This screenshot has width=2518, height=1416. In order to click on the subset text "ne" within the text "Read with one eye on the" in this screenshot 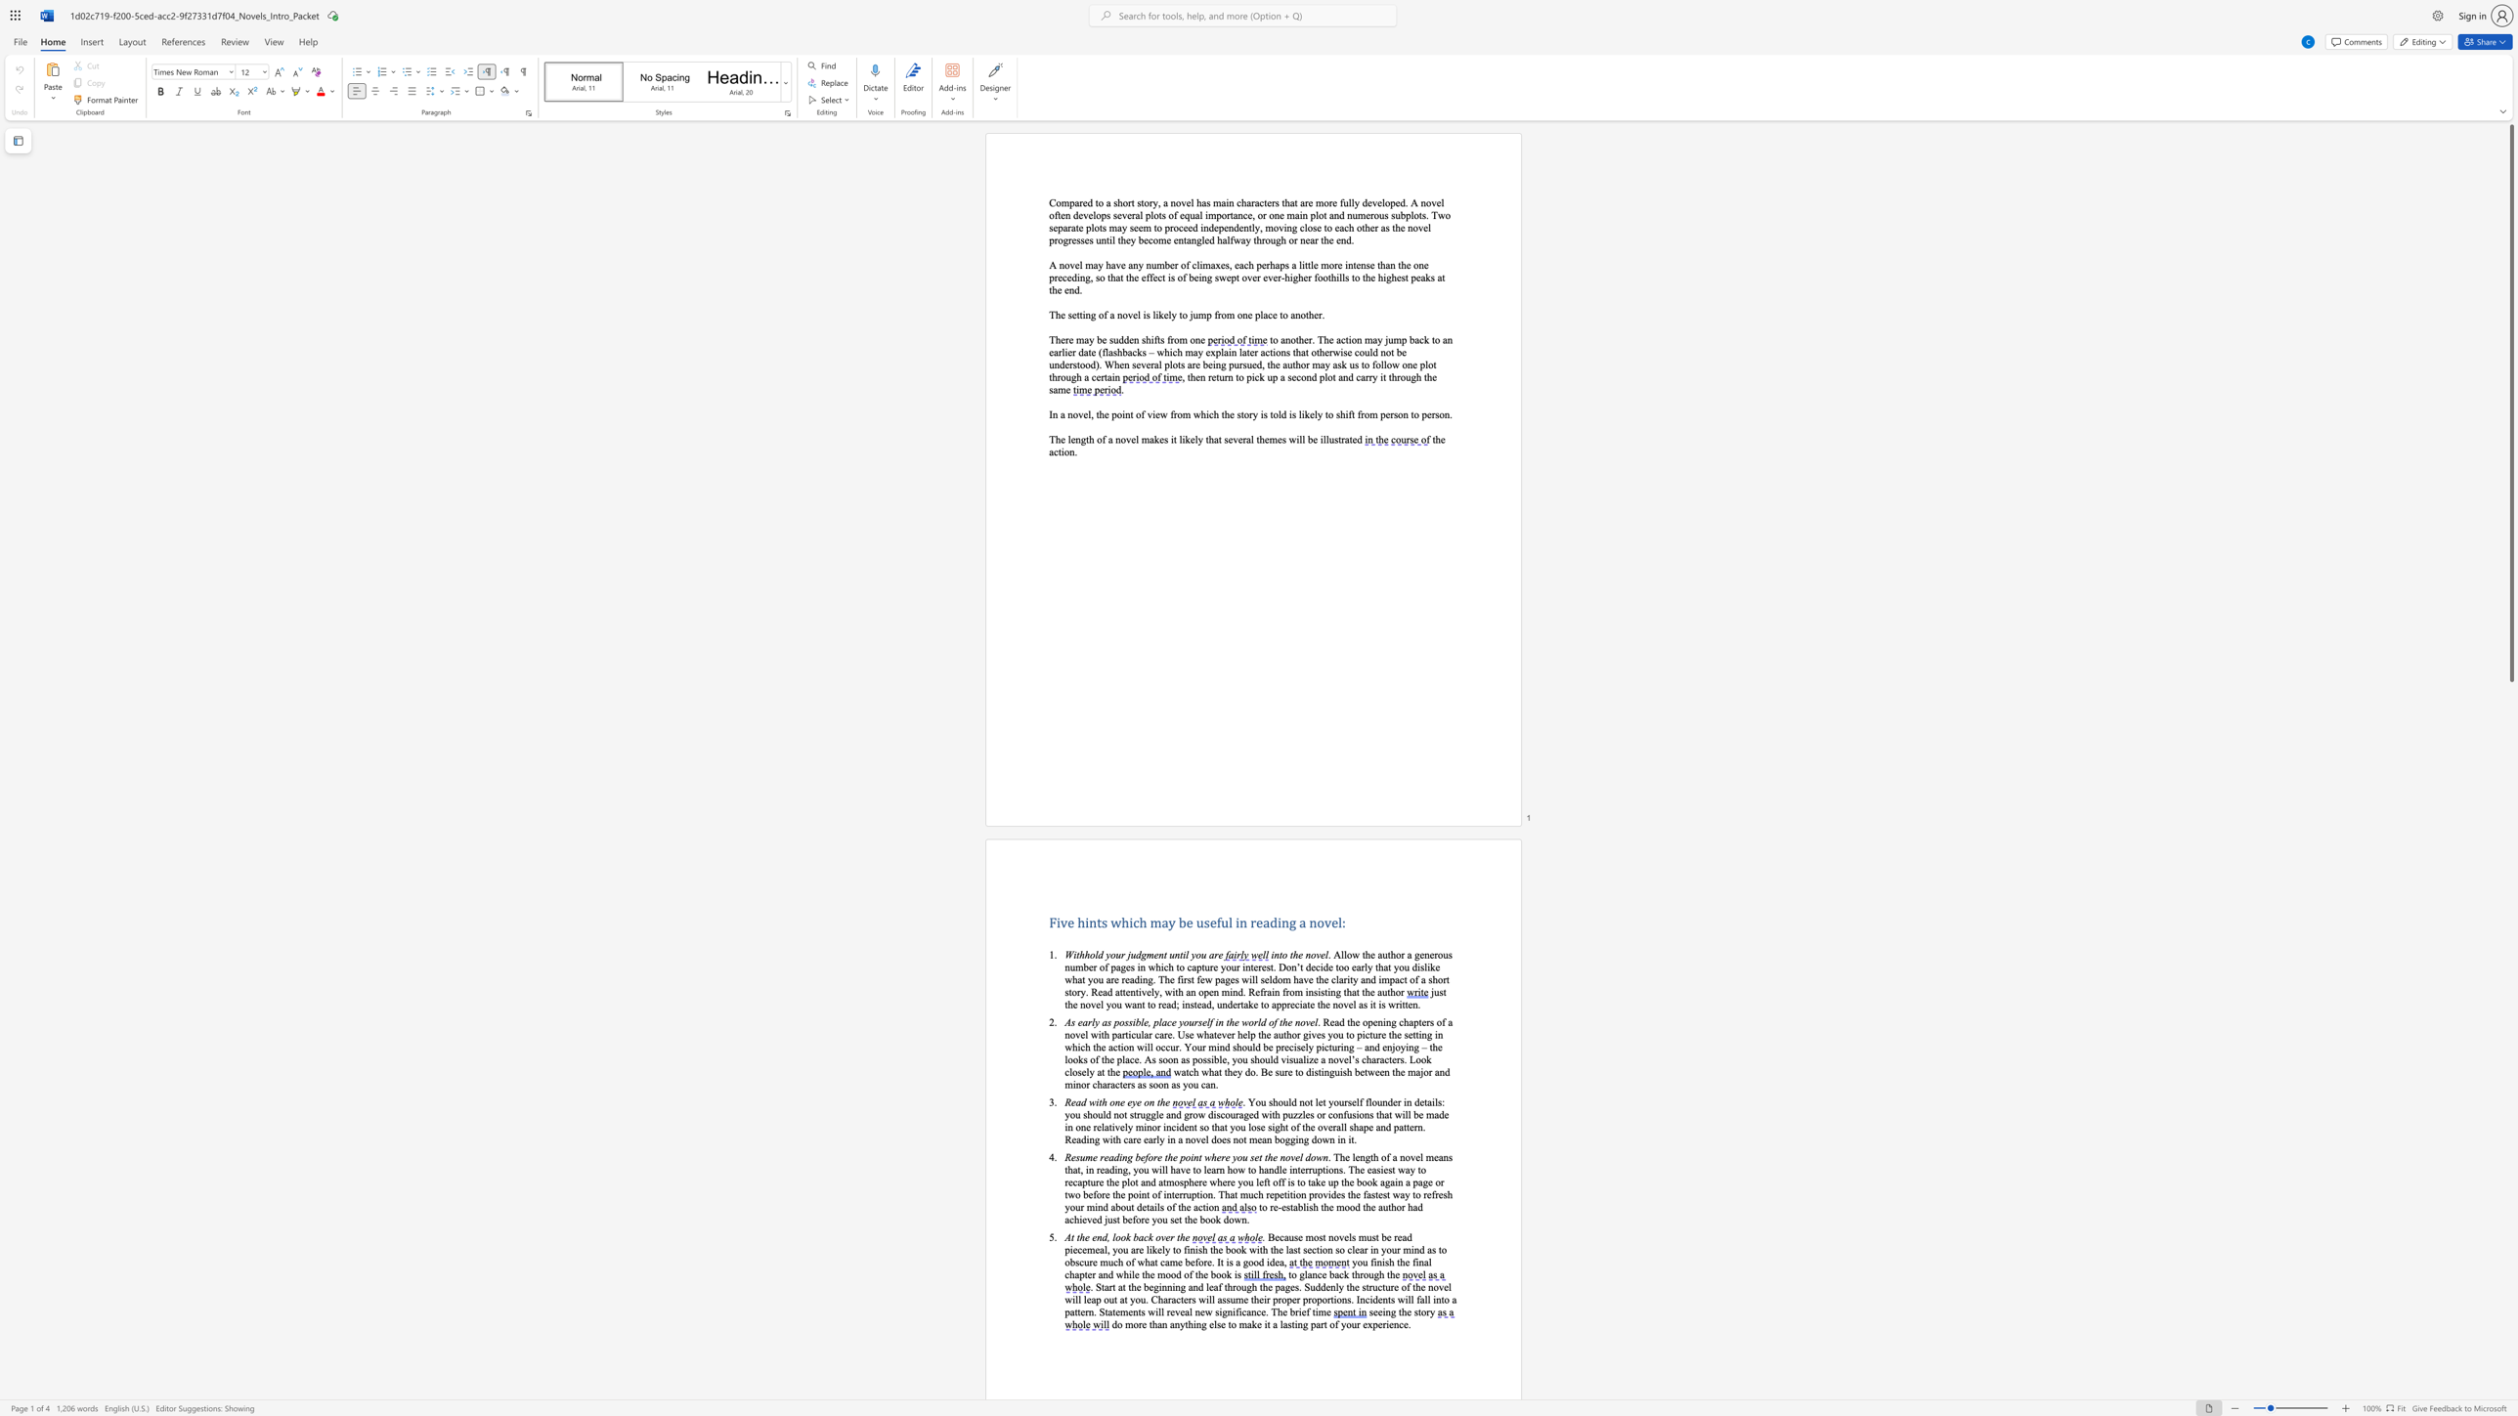, I will do `click(1114, 1102)`.